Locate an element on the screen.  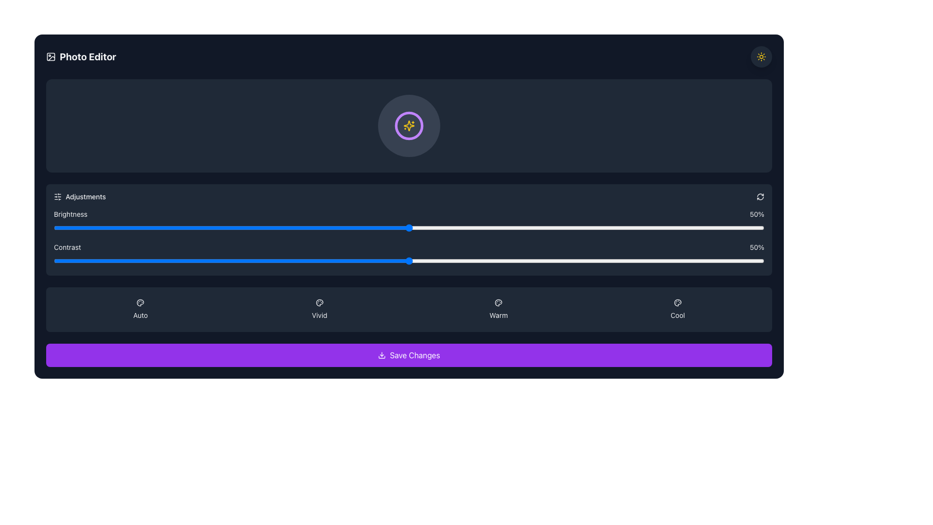
the 'Contrast' range slider is located at coordinates (409, 254).